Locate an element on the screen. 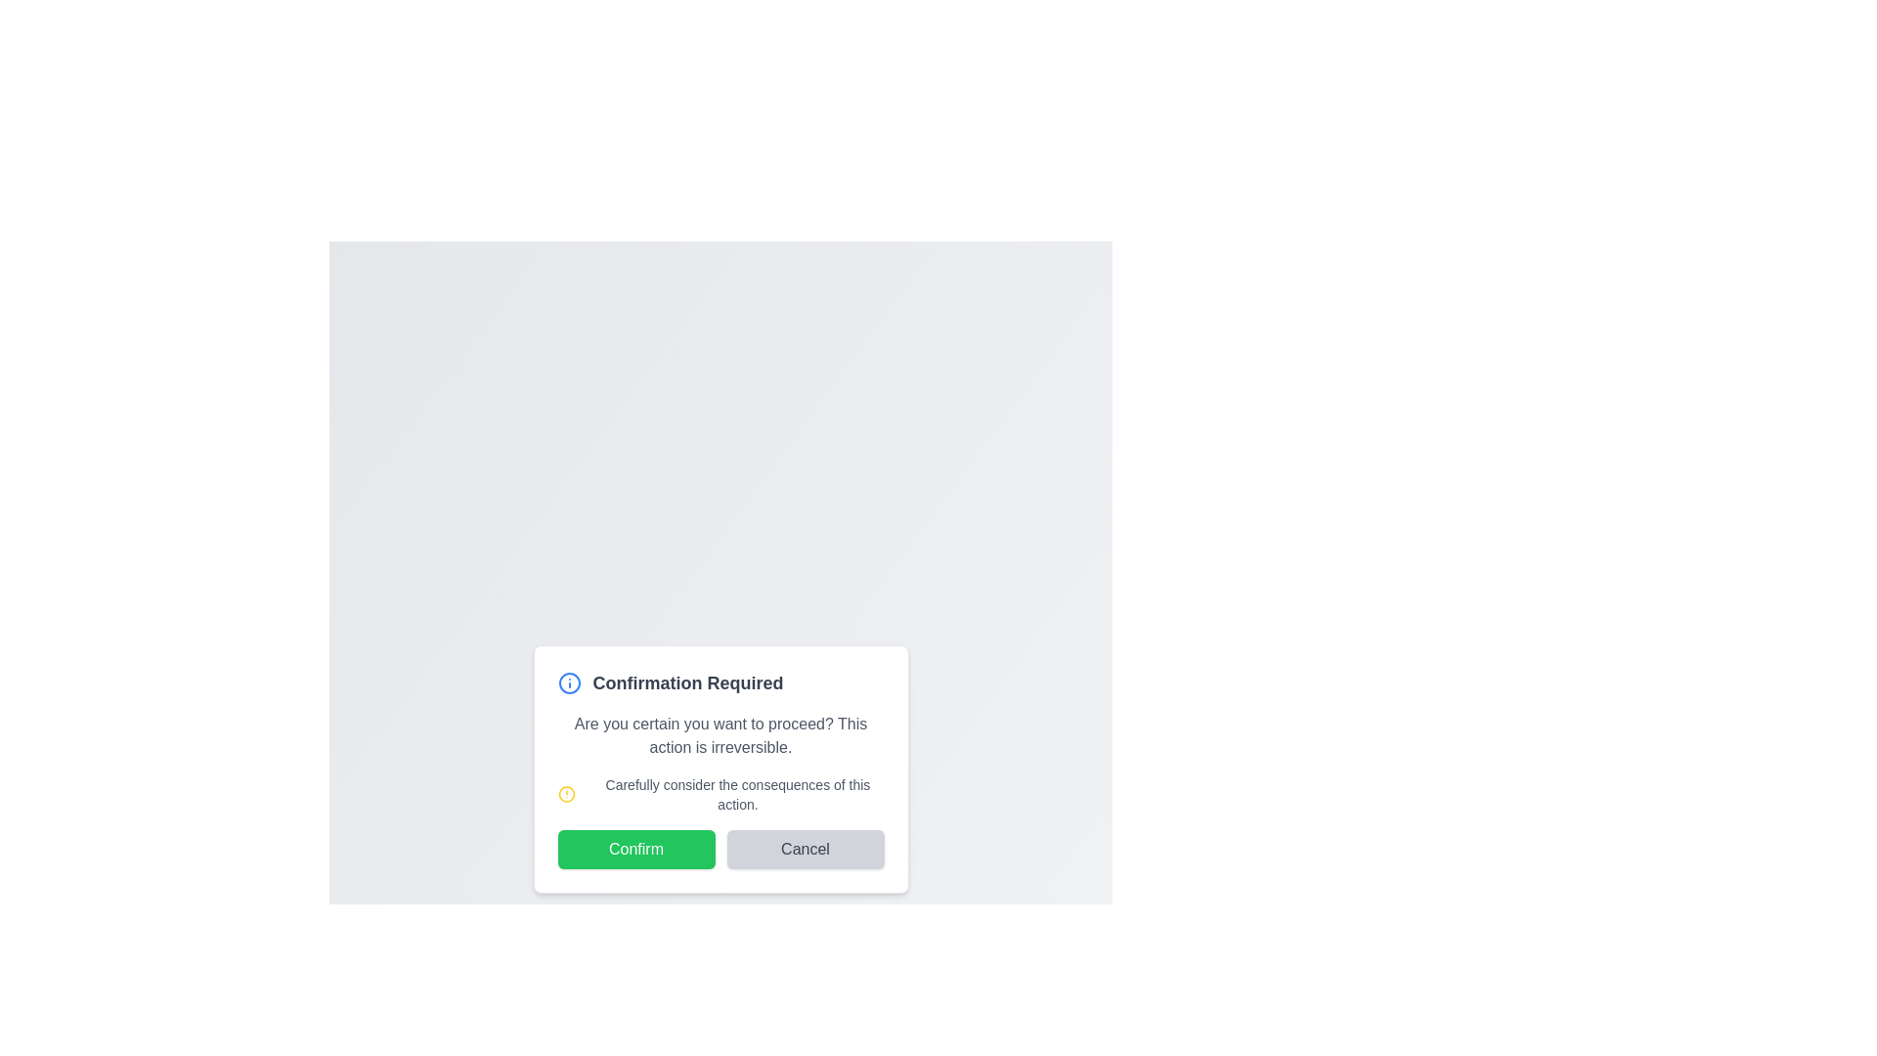 This screenshot has height=1056, width=1877. the icon that draws attention to the 'Confirmation Required' message, which is the first item positioned to the left of the text is located at coordinates (568, 682).